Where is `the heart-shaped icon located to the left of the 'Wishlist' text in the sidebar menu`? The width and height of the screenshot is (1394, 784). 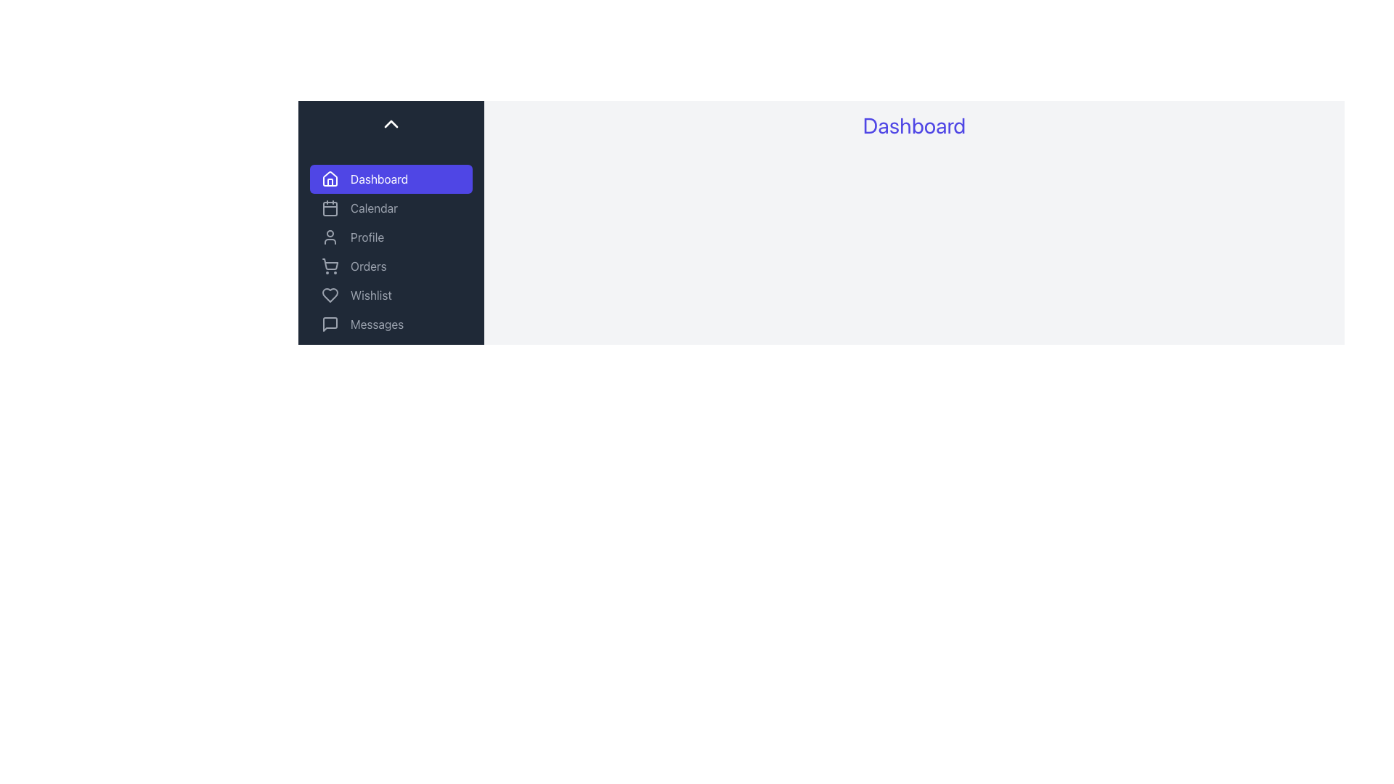
the heart-shaped icon located to the left of the 'Wishlist' text in the sidebar menu is located at coordinates (330, 295).